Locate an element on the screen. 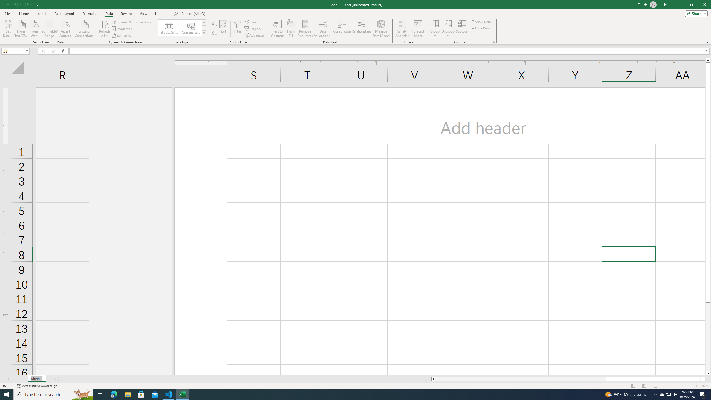 This screenshot has width=711, height=400. 'From Table/Range' is located at coordinates (49, 28).